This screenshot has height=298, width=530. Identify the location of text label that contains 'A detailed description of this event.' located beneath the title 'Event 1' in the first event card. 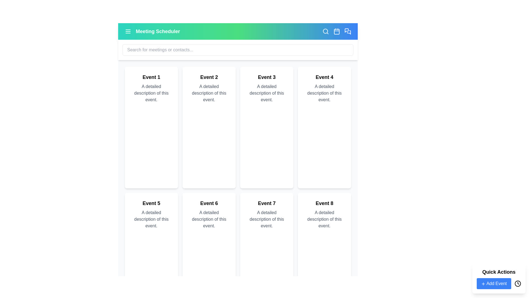
(151, 93).